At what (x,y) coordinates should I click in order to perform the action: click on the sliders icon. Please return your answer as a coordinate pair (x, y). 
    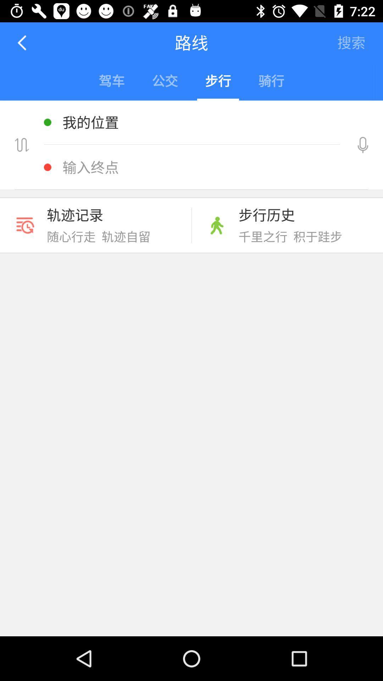
    Looking at the image, I should click on (21, 145).